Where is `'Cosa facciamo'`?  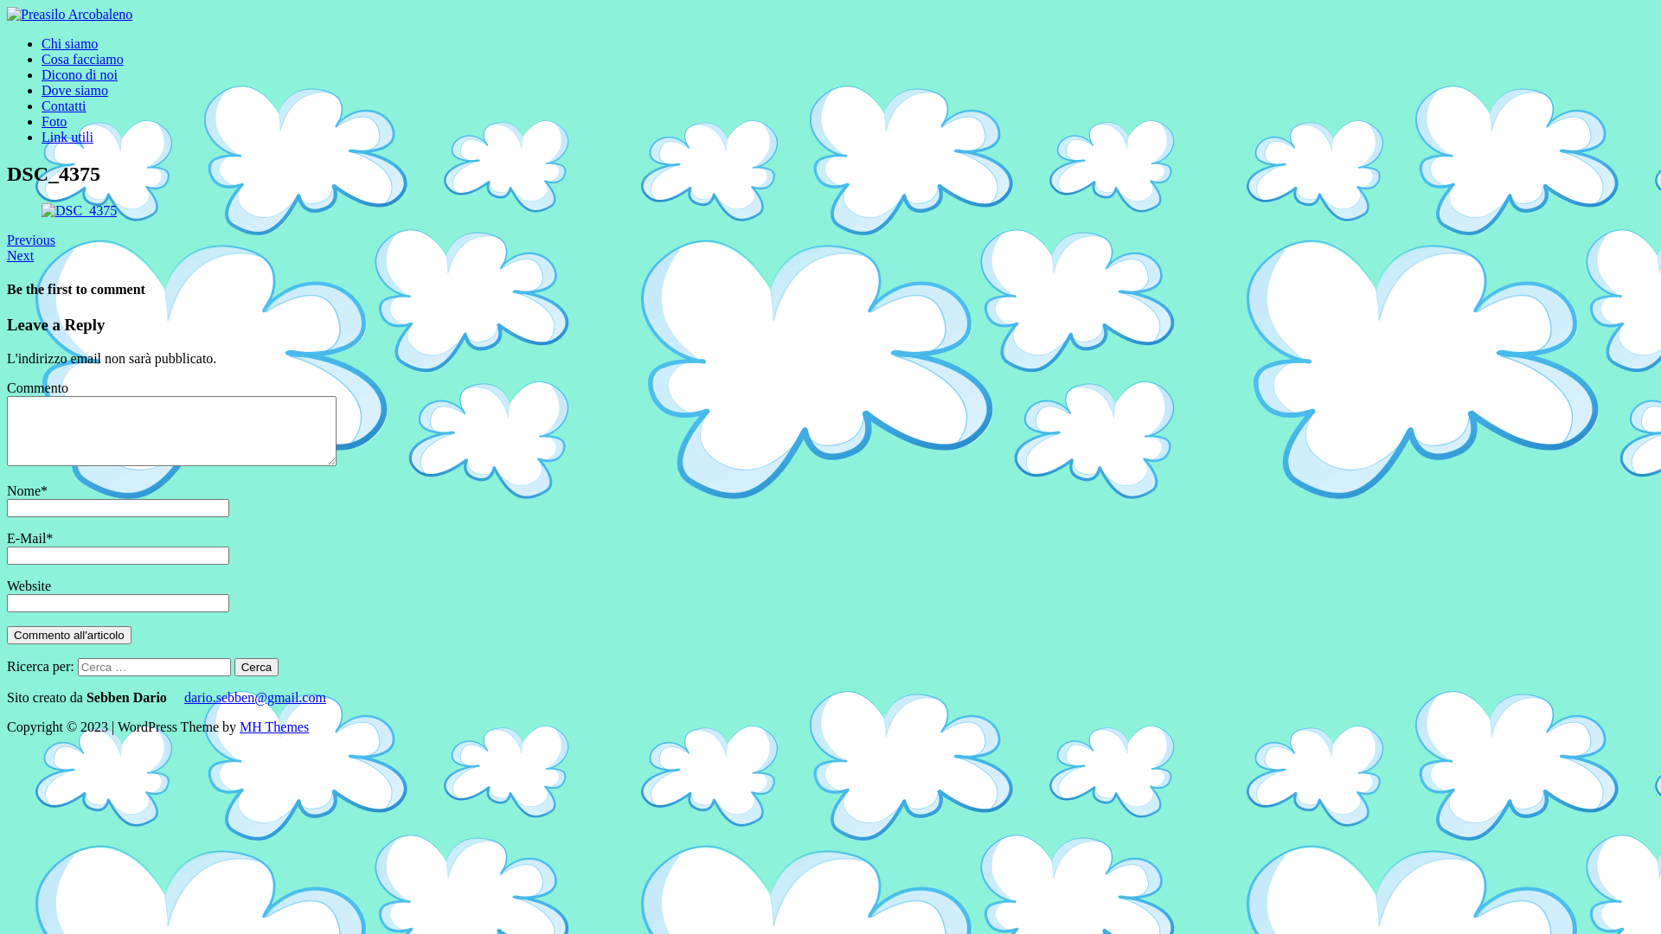
'Cosa facciamo' is located at coordinates (81, 58).